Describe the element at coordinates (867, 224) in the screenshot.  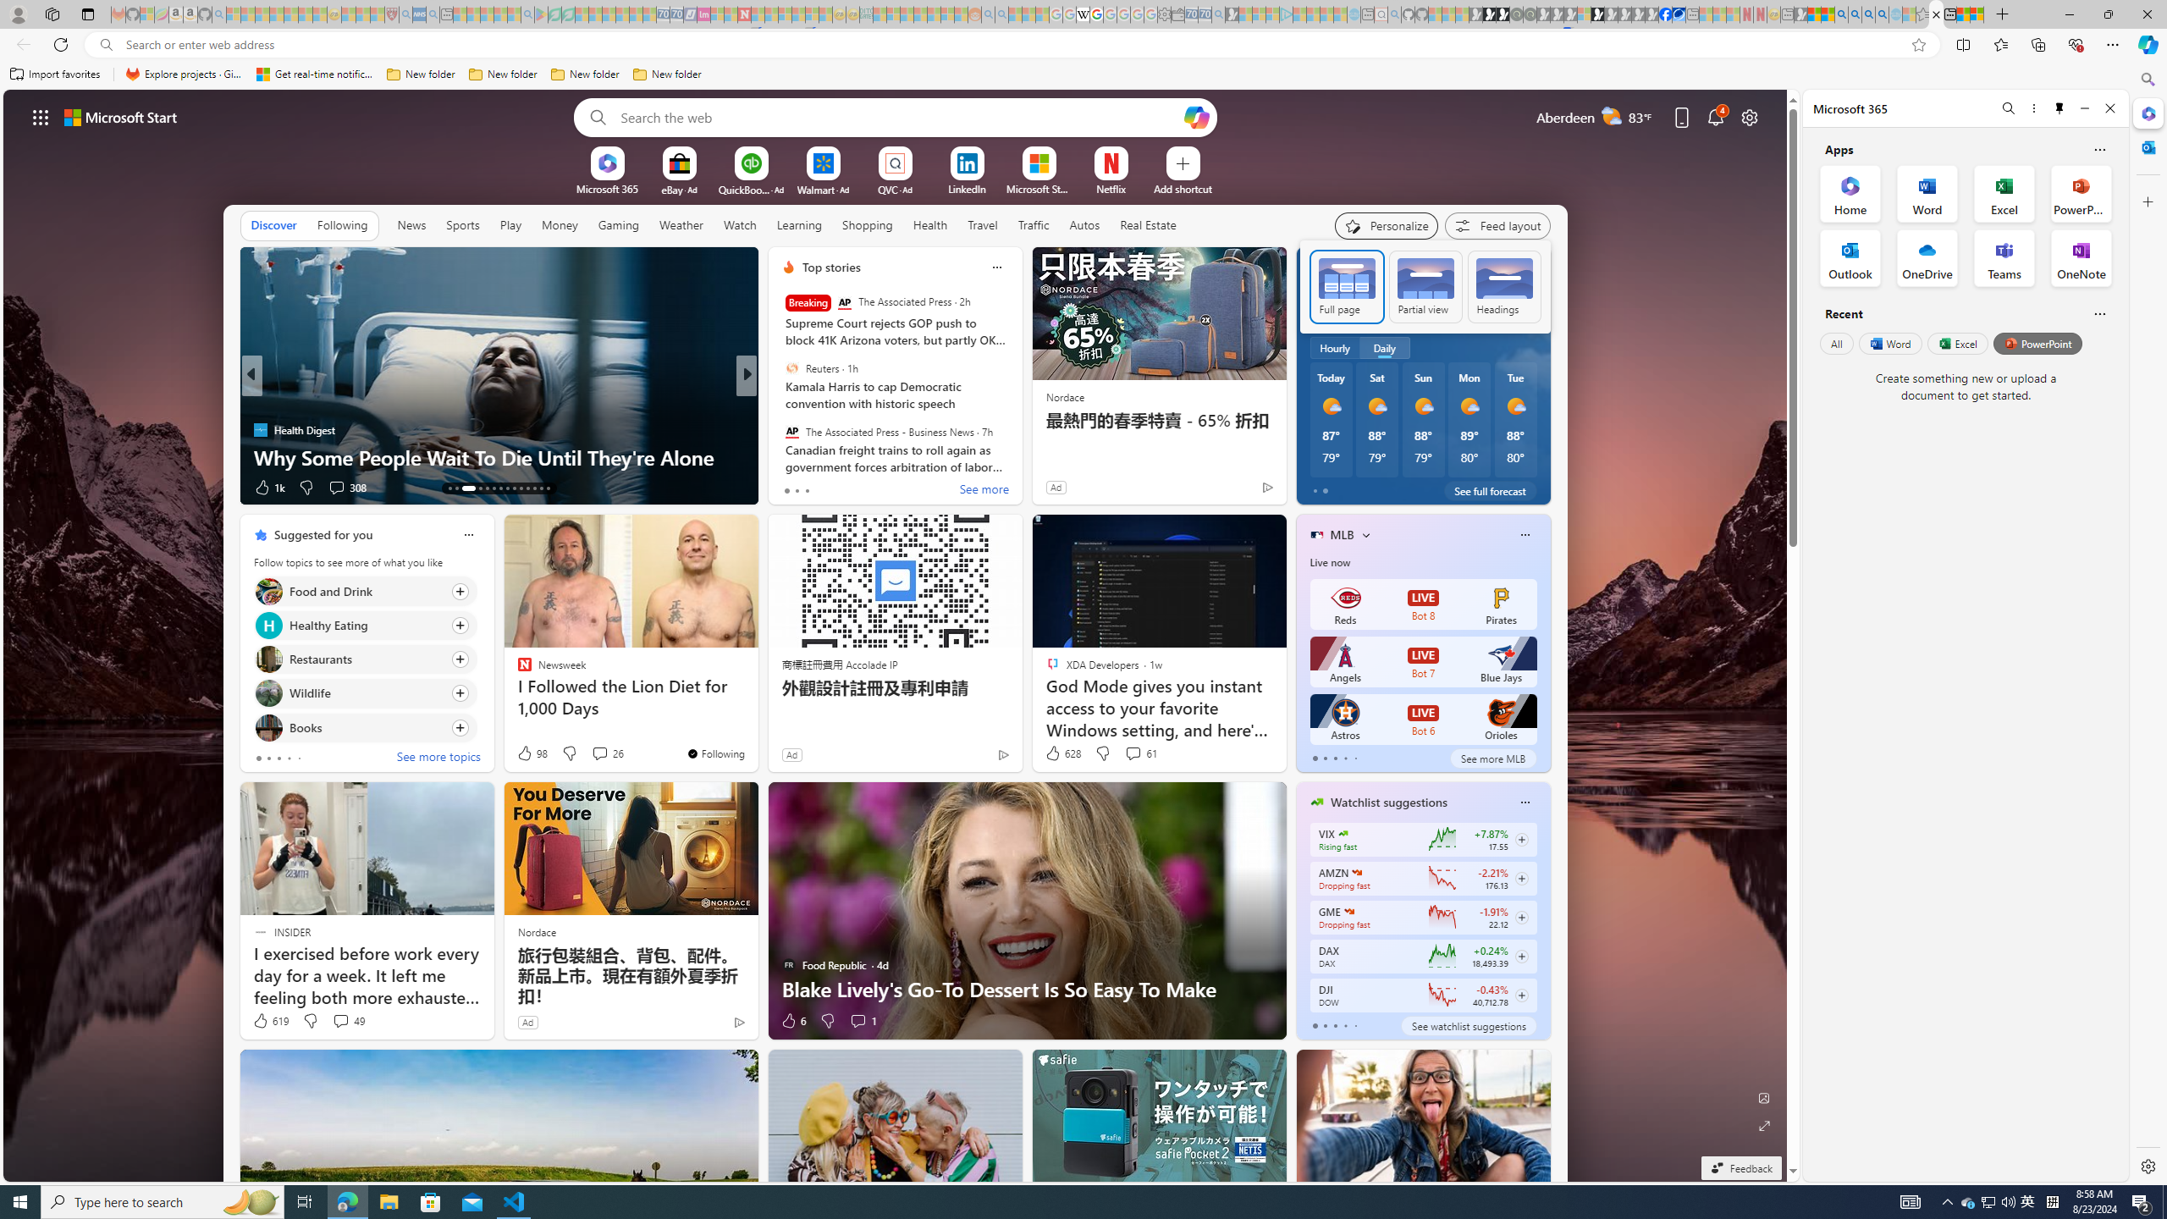
I see `'Shopping'` at that location.